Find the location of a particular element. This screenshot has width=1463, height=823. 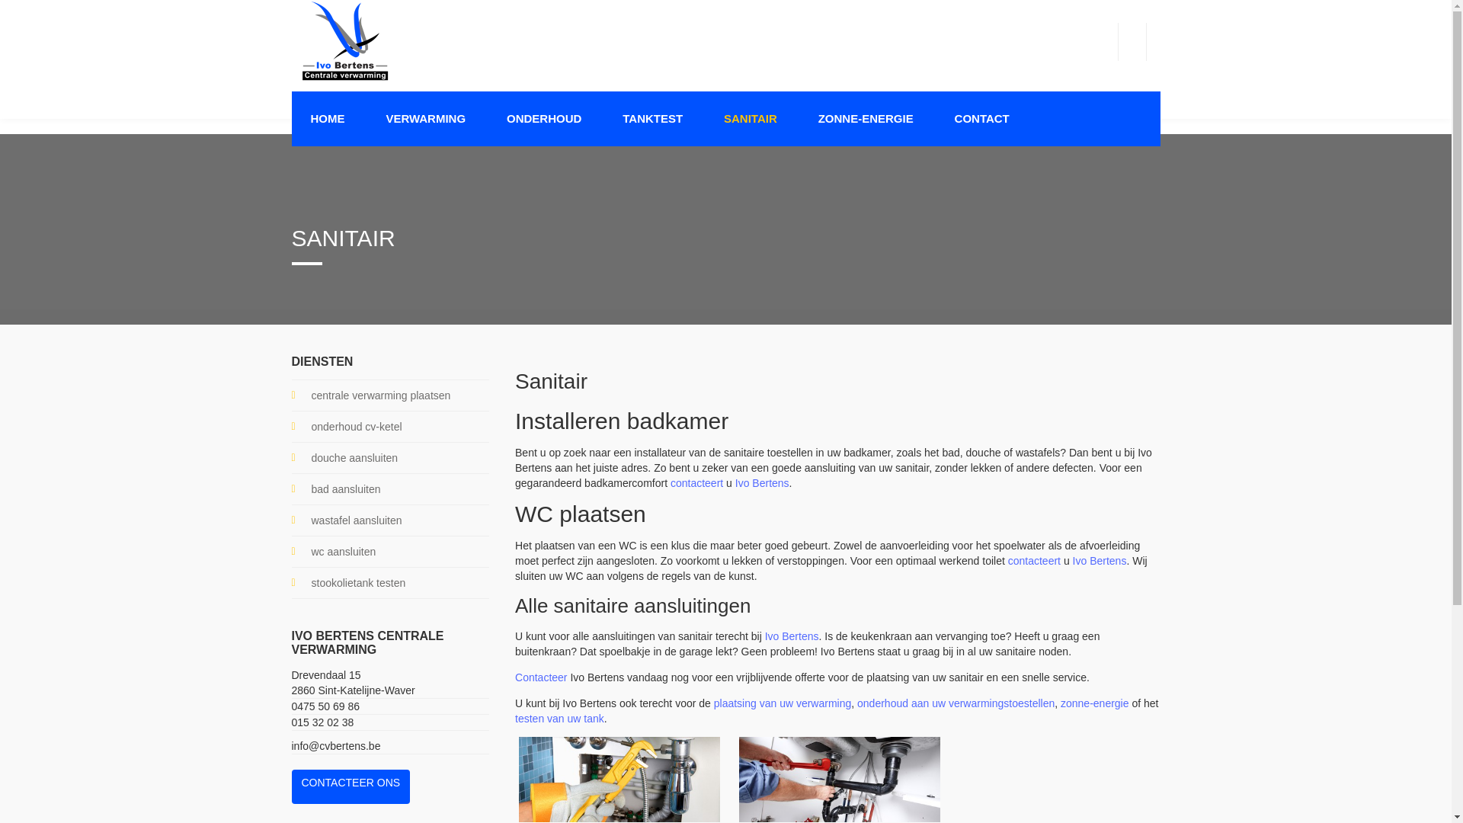

'bad aansluiten' is located at coordinates (389, 488).